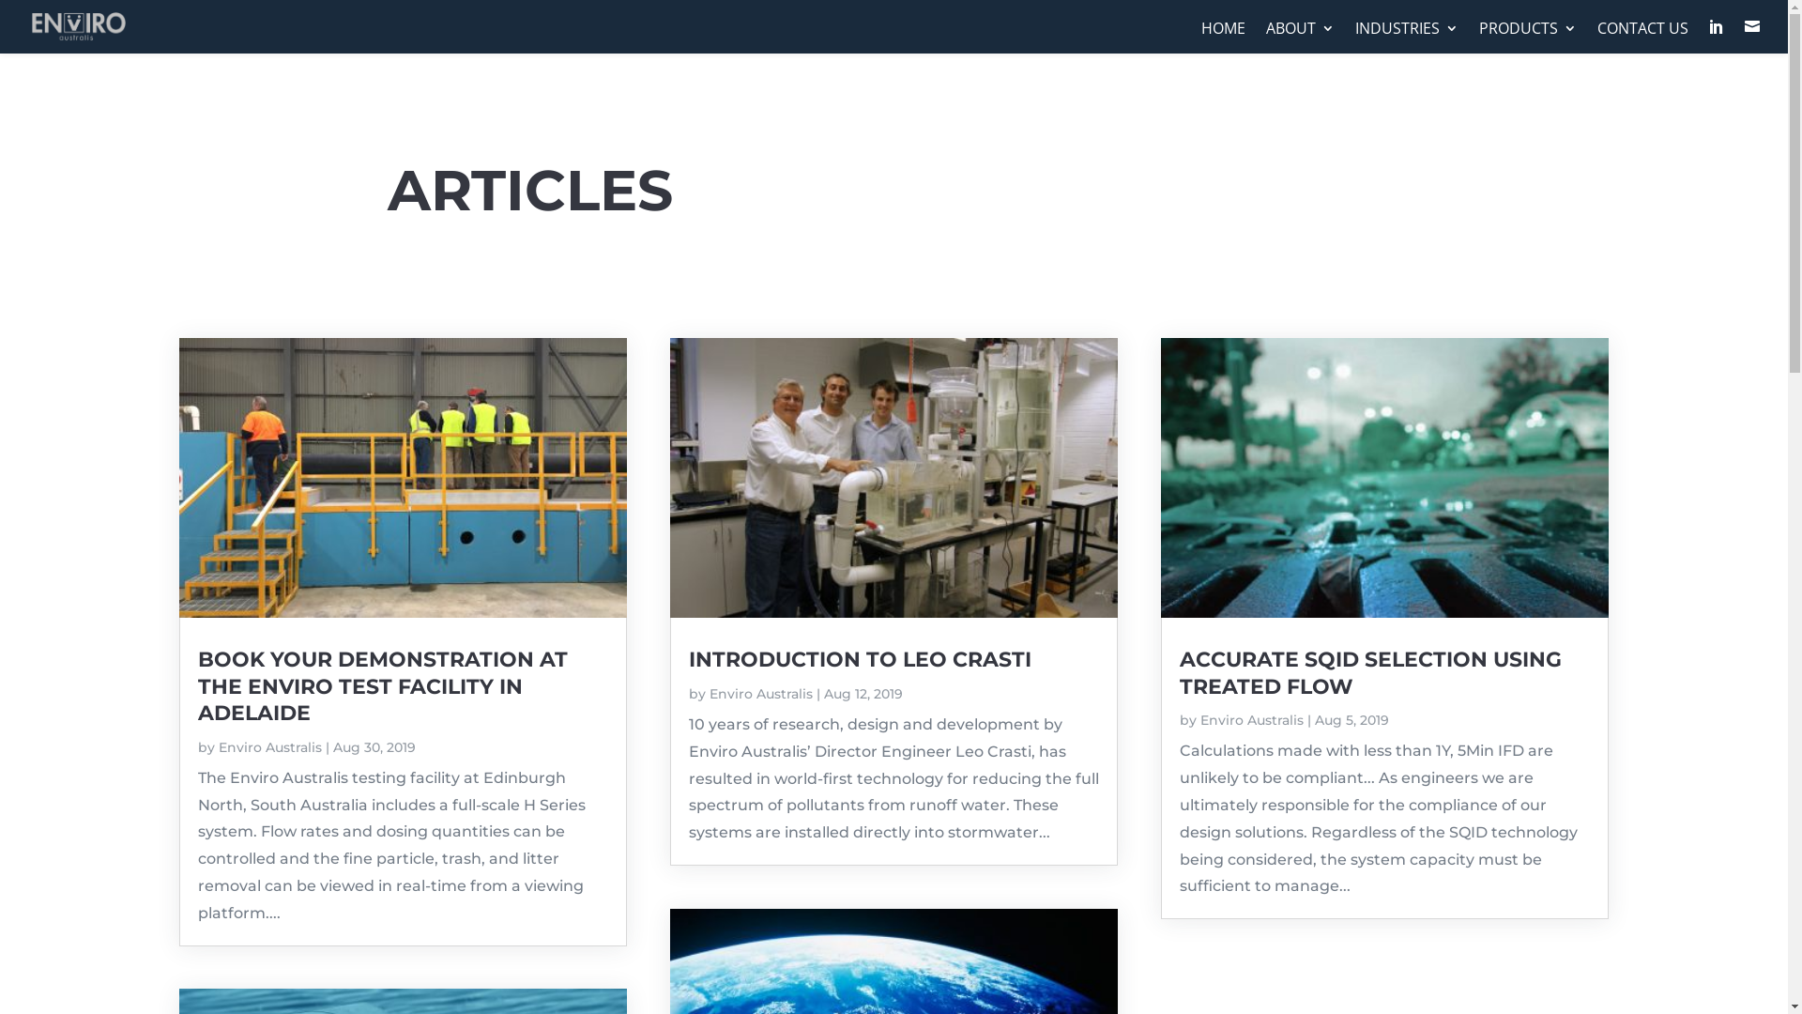 This screenshot has width=1802, height=1014. I want to click on 'Enviro Australis', so click(217, 745).